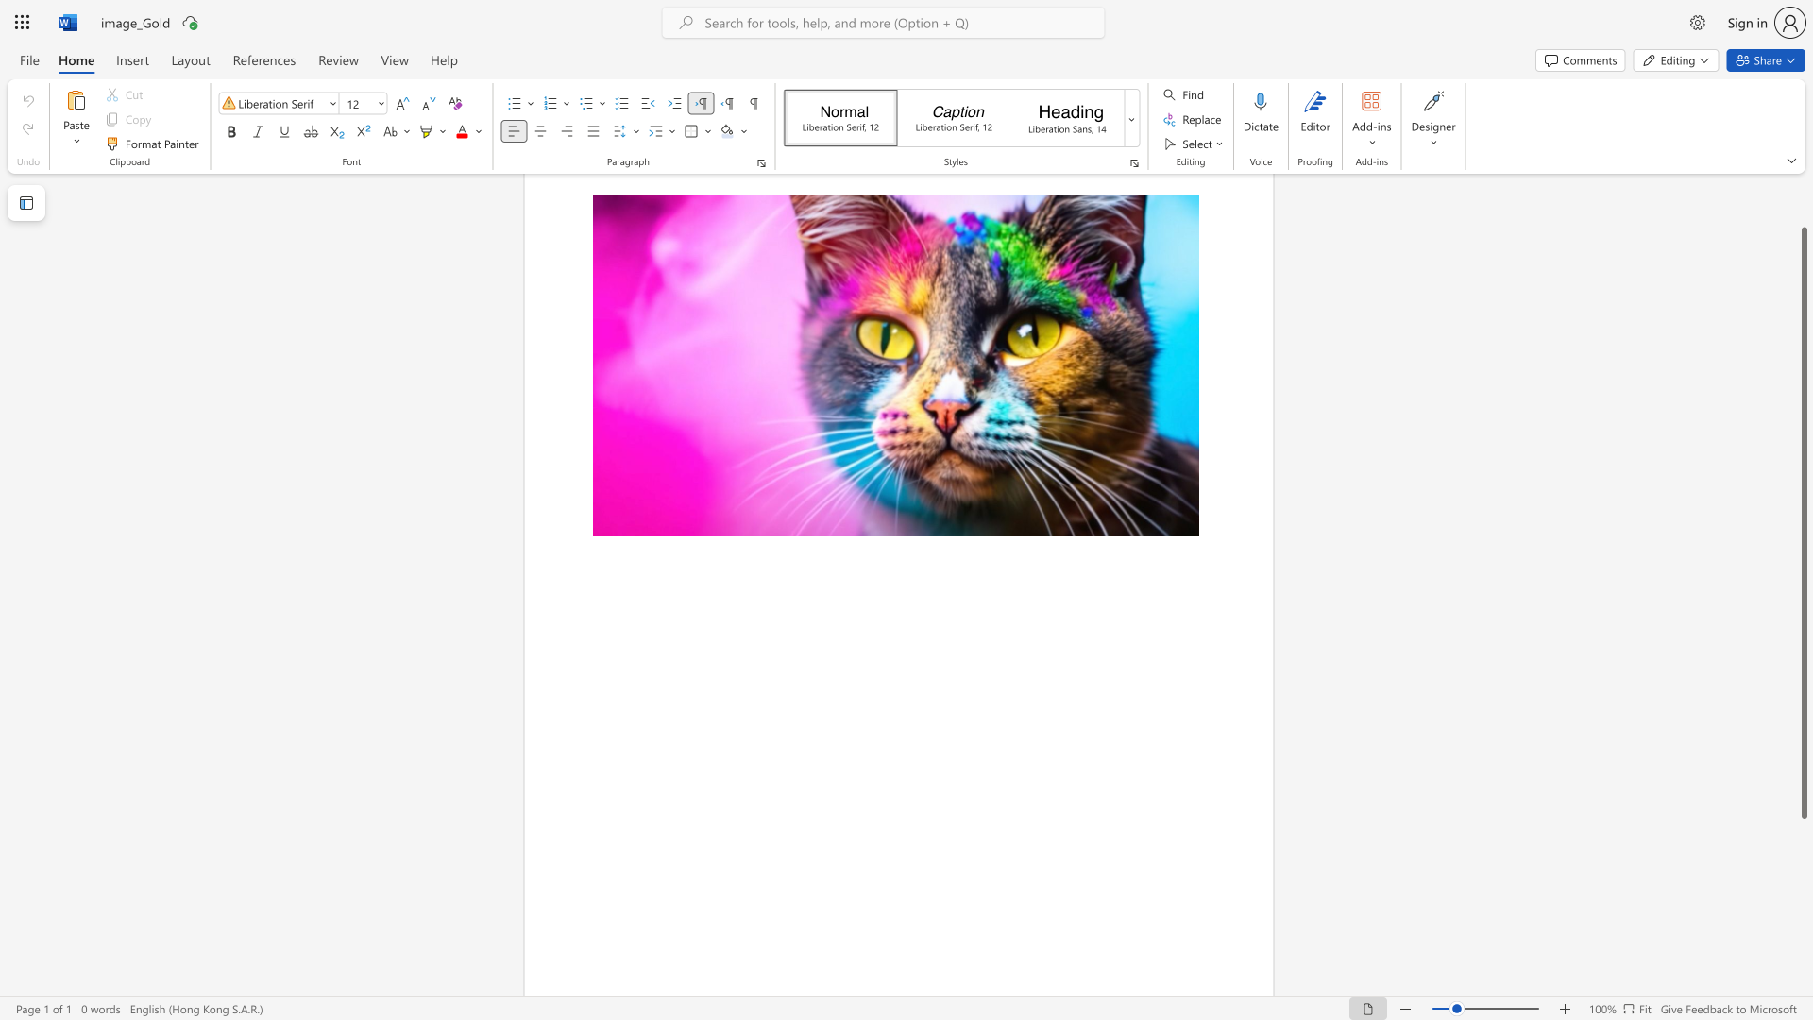 This screenshot has width=1813, height=1020. What do you see at coordinates (1803, 522) in the screenshot?
I see `the scrollbar and move up 50 pixels` at bounding box center [1803, 522].